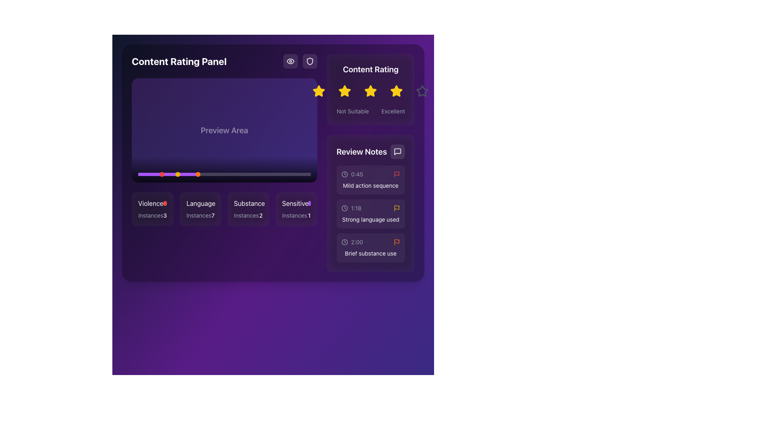 The image size is (776, 436). I want to click on the leftmost segment of the progress bar, which is a purple horizontal bar representing progress, so click(168, 174).